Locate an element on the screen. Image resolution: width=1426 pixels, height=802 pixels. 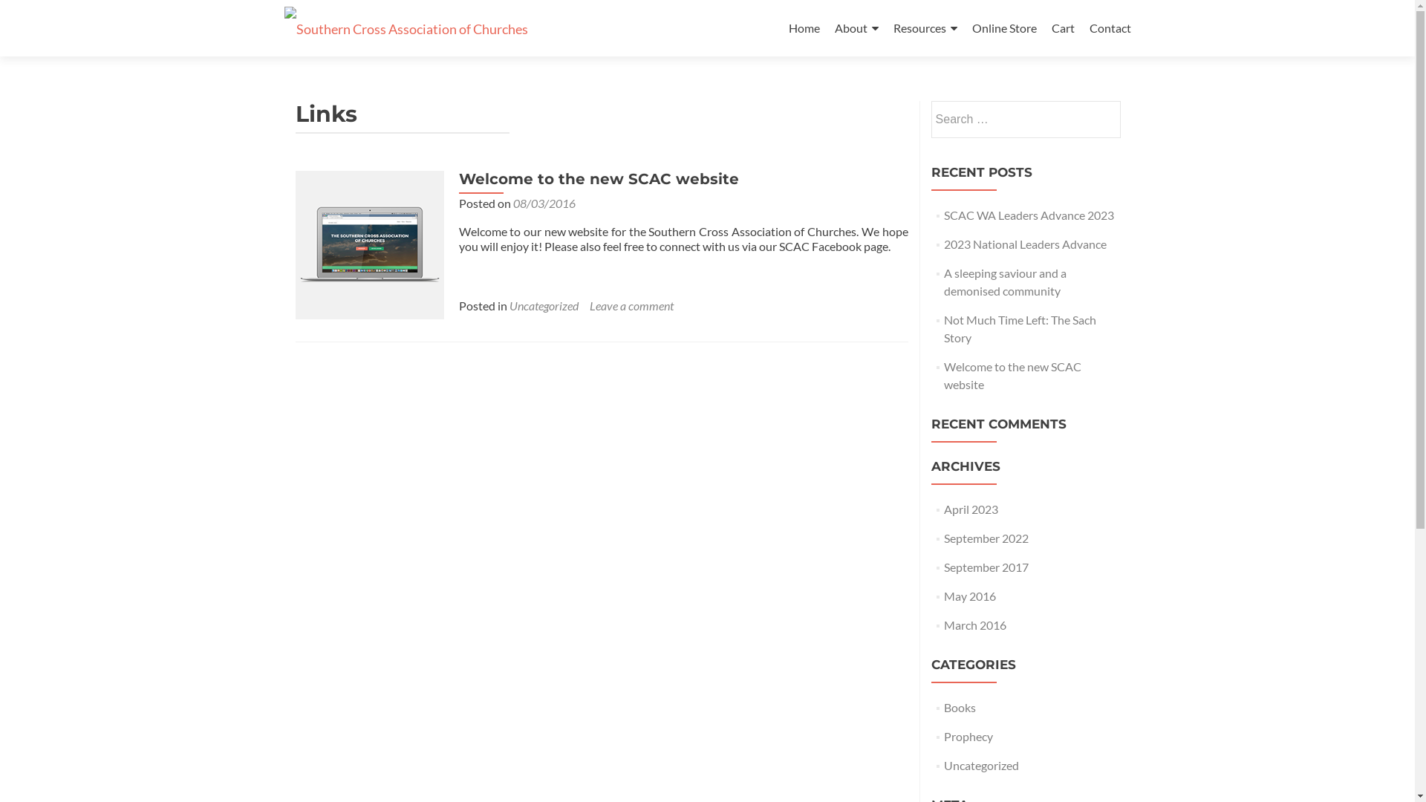
'Uncategorized' is located at coordinates (543, 304).